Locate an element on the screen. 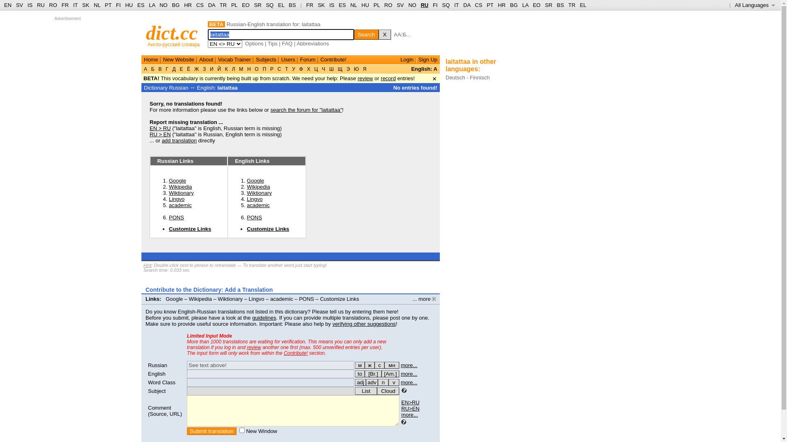  'About' is located at coordinates (206, 59).